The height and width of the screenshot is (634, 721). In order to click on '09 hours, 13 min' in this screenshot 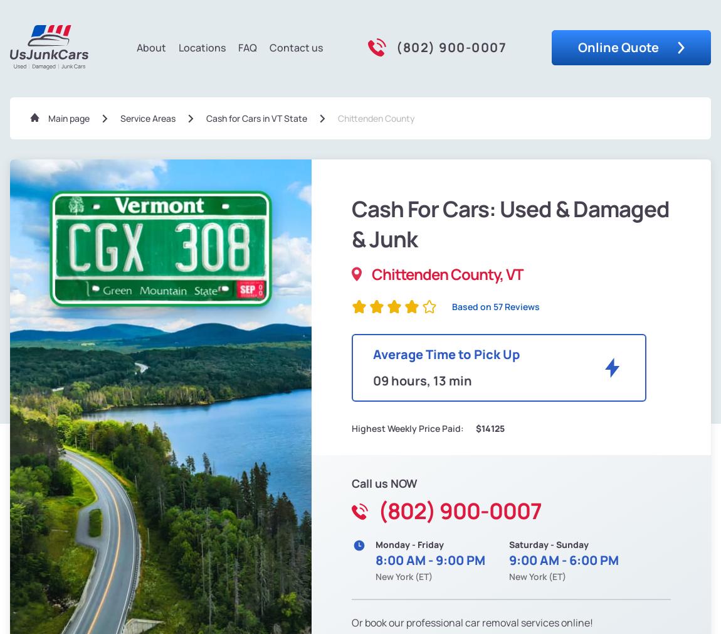, I will do `click(371, 379)`.